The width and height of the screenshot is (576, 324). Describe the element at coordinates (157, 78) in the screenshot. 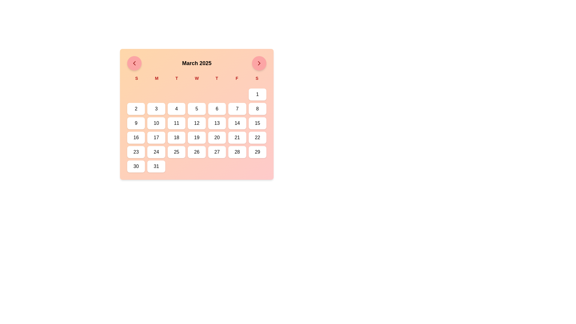

I see `the label marking 'Monday' in the calendar header` at that location.